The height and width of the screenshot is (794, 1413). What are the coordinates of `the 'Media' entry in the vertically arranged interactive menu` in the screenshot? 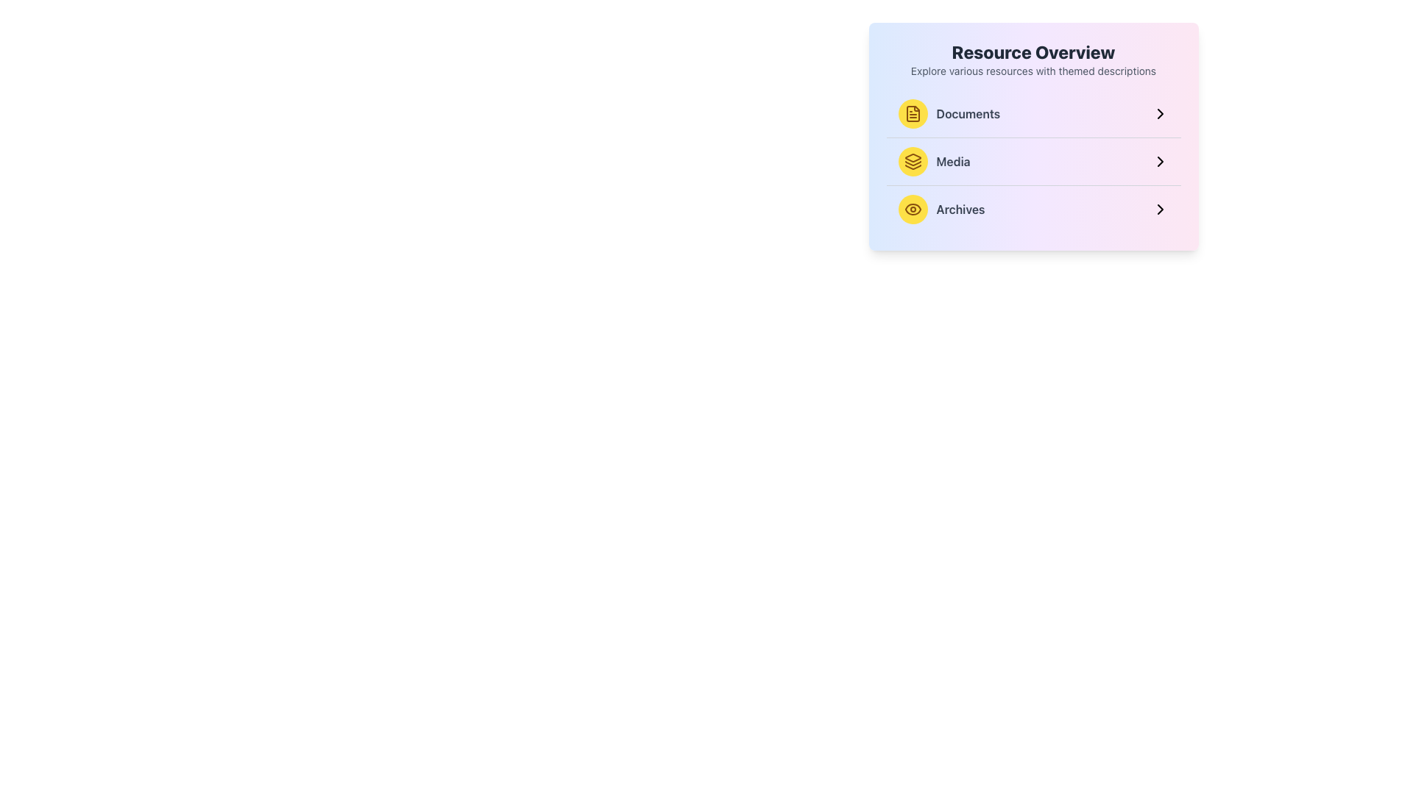 It's located at (1033, 161).